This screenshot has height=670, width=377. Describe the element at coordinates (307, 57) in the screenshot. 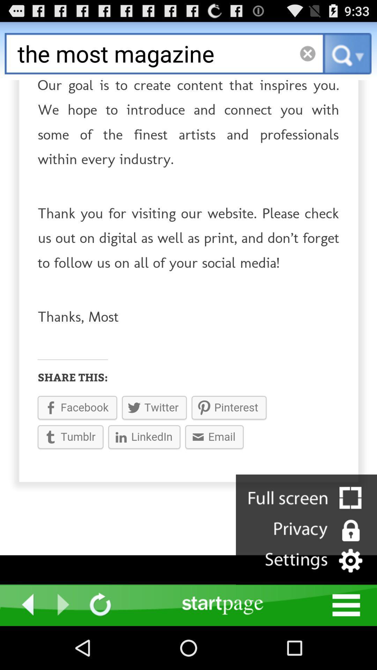

I see `the close icon` at that location.